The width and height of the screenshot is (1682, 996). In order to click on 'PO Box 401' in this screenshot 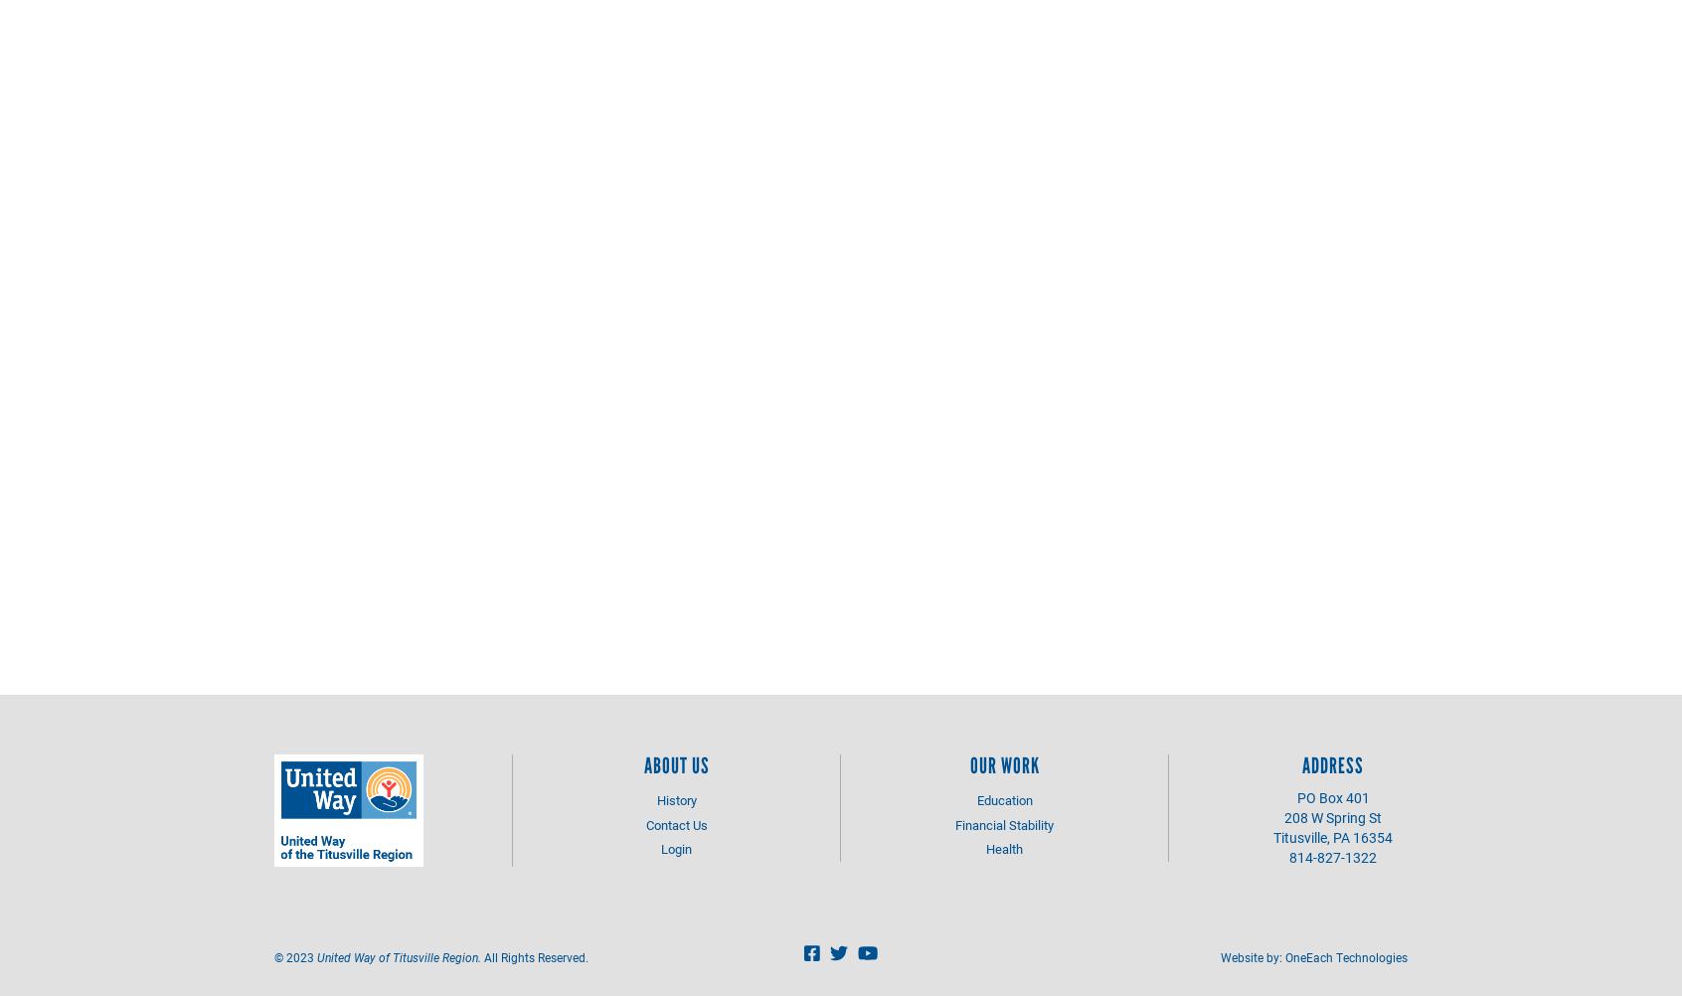, I will do `click(1332, 796)`.